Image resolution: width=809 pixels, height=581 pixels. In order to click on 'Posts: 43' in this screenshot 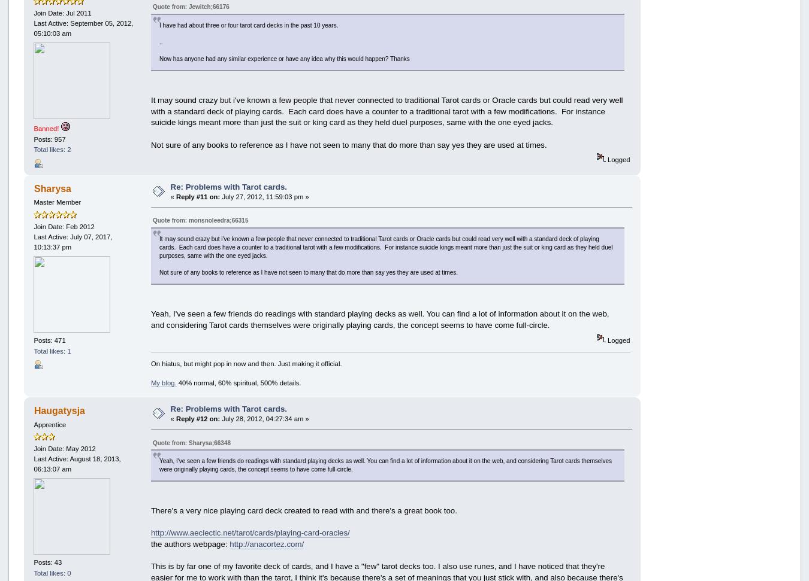, I will do `click(47, 562)`.